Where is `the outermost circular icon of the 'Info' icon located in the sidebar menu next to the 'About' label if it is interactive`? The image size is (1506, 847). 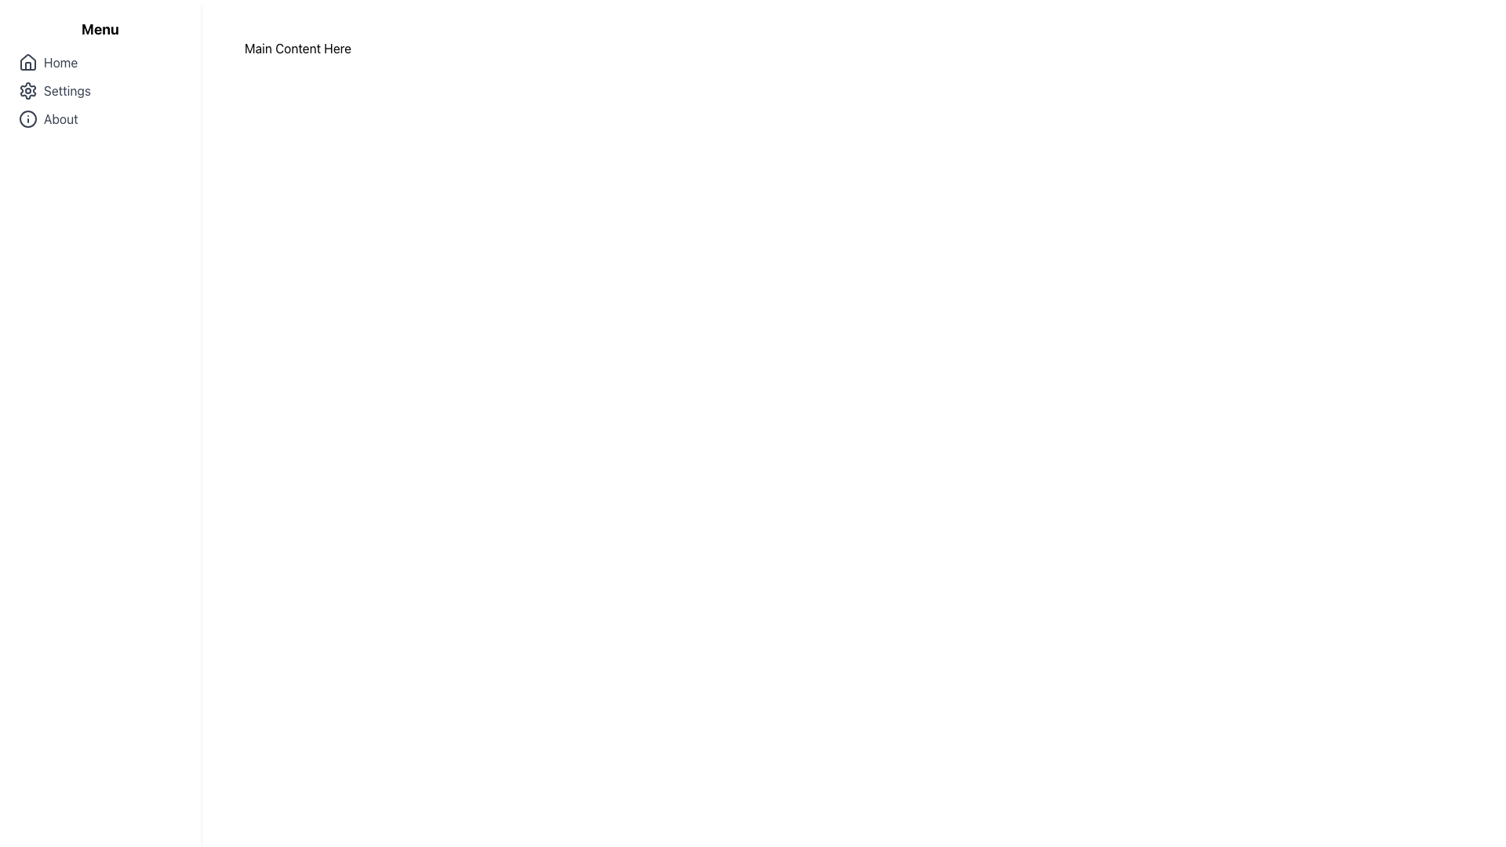
the outermost circular icon of the 'Info' icon located in the sidebar menu next to the 'About' label if it is interactive is located at coordinates (27, 118).